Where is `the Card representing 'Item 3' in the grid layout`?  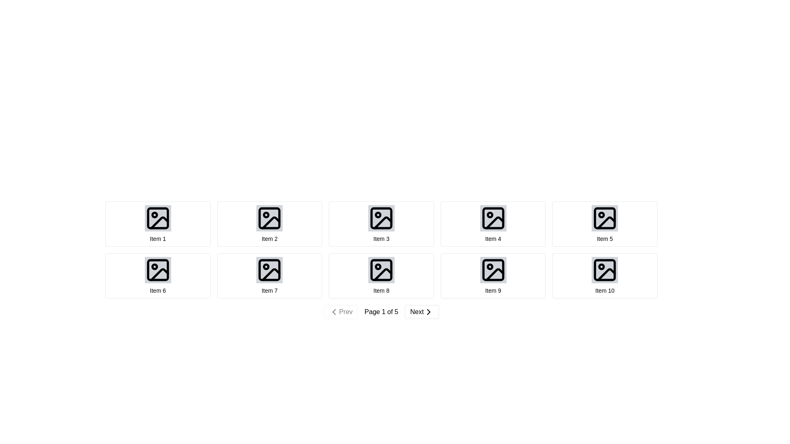
the Card representing 'Item 3' in the grid layout is located at coordinates (381, 224).